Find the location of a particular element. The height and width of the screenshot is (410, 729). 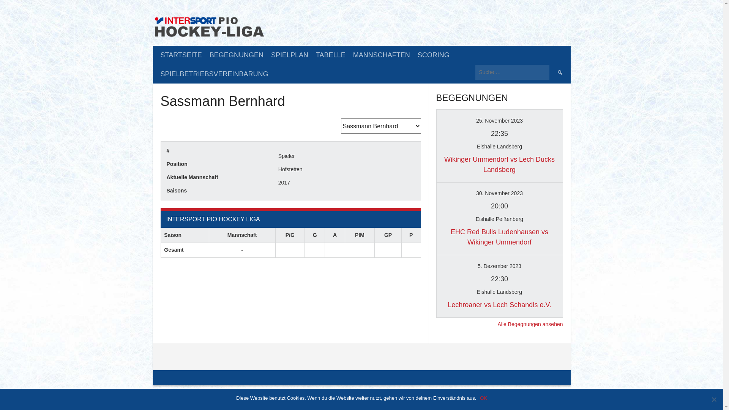

'SPIELBETRIEBSVEREINBARUNG' is located at coordinates (214, 74).